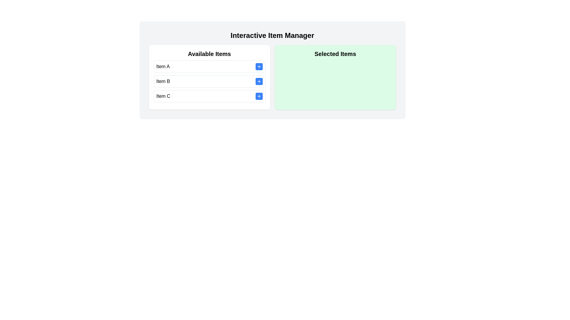 The height and width of the screenshot is (320, 570). What do you see at coordinates (163, 66) in the screenshot?
I see `the text label displaying 'Item A', which is the first item in the 'Available Items' list, aligned horizontally with a blue '+' button` at bounding box center [163, 66].